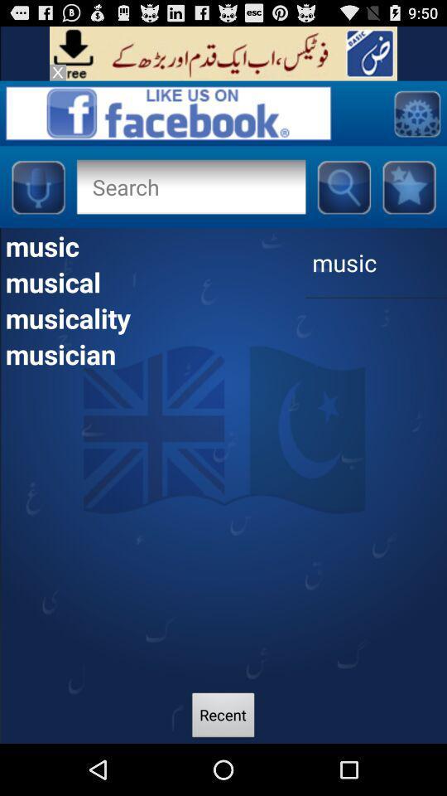  What do you see at coordinates (190, 187) in the screenshot?
I see `search bar` at bounding box center [190, 187].